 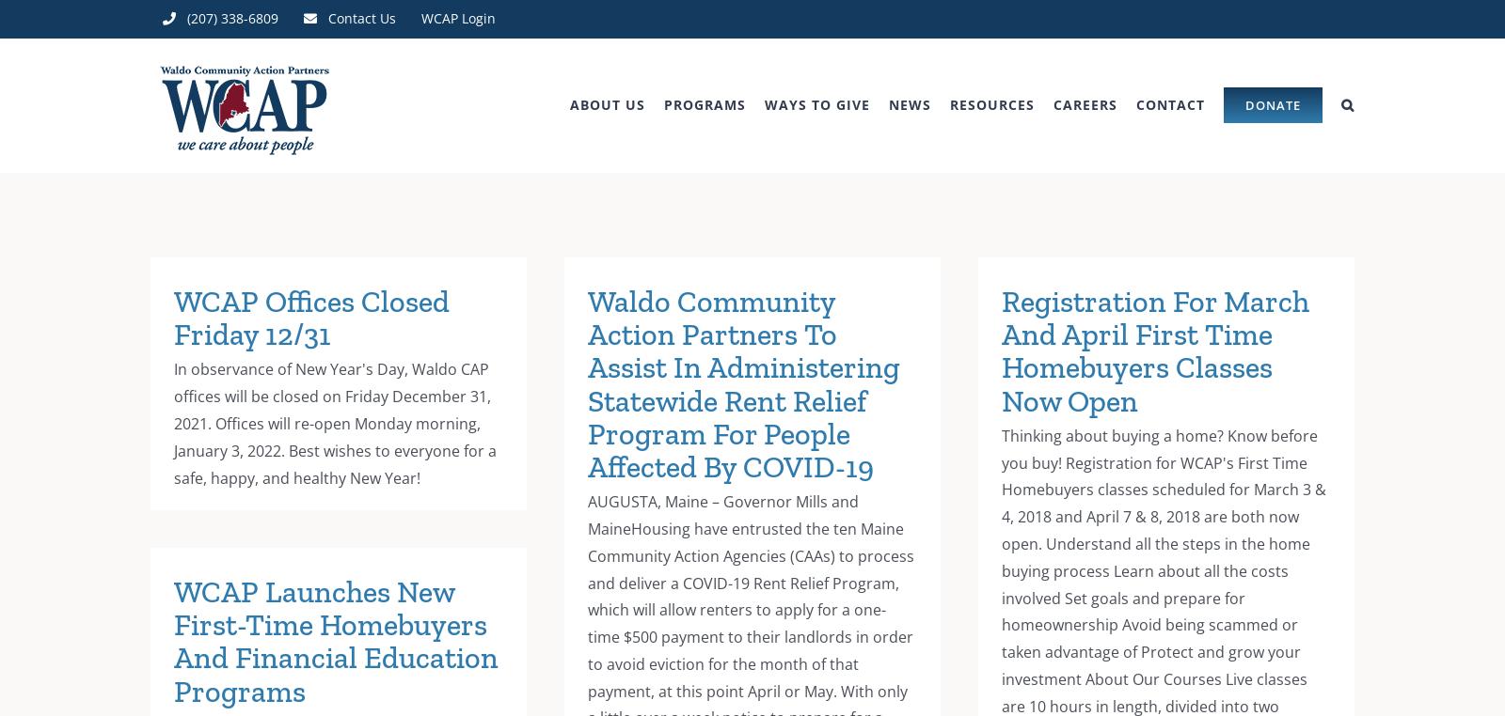 What do you see at coordinates (1014, 212) in the screenshot?
I see `'Publications & Reports'` at bounding box center [1014, 212].